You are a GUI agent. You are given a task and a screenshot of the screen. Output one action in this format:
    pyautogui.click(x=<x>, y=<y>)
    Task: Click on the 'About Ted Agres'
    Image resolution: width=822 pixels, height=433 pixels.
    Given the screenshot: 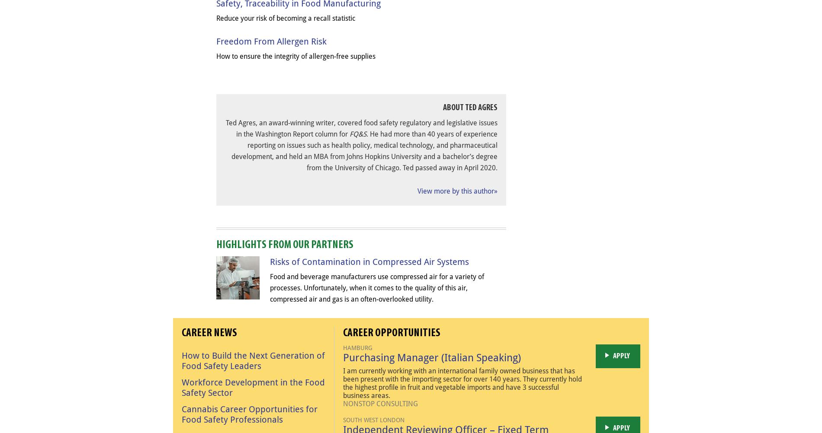 What is the action you would take?
    pyautogui.click(x=470, y=108)
    